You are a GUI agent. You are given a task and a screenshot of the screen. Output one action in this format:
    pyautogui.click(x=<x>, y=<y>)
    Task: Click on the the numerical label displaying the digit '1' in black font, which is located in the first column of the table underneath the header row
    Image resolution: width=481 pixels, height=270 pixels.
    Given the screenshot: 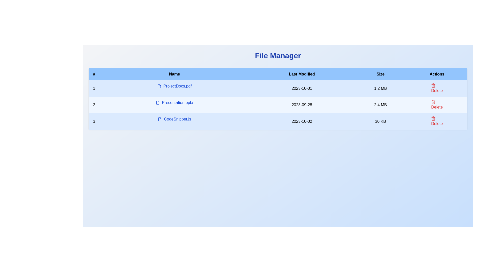 What is the action you would take?
    pyautogui.click(x=94, y=88)
    